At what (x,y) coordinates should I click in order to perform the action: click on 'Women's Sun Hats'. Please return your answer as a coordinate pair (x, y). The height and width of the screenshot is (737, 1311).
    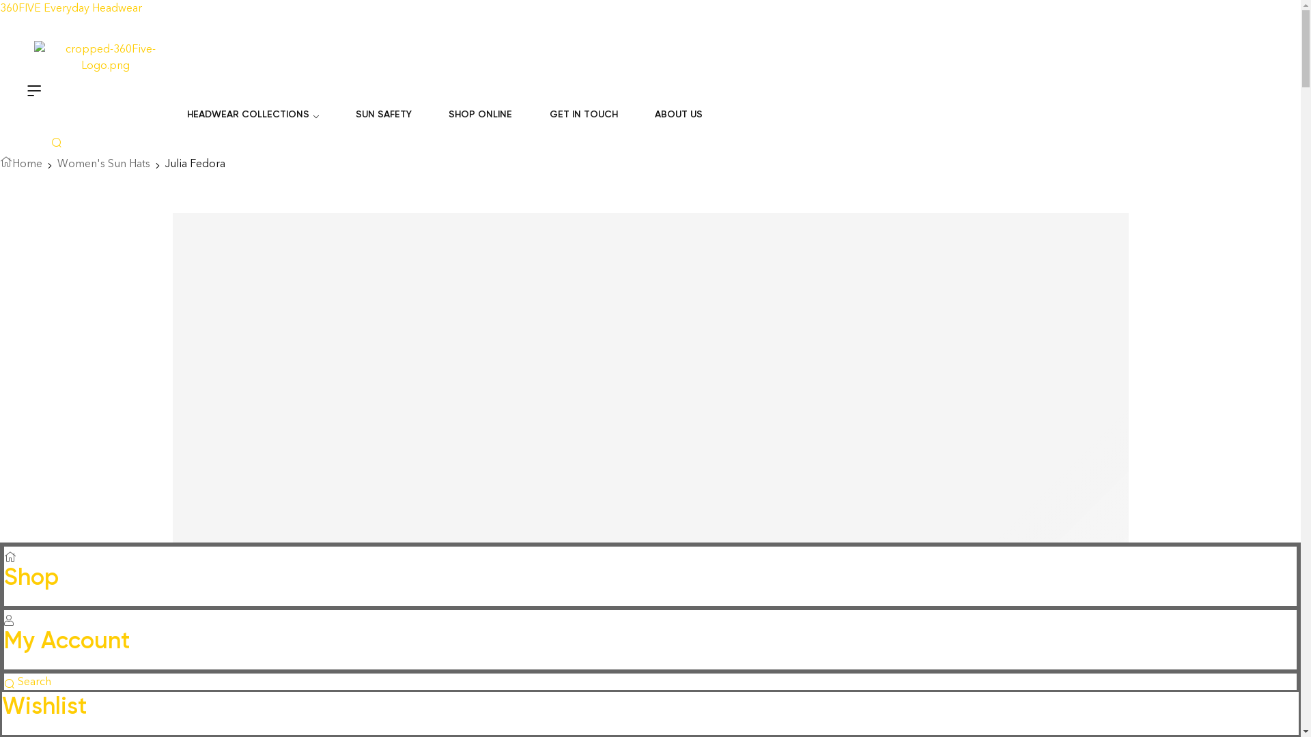
    Looking at the image, I should click on (56, 162).